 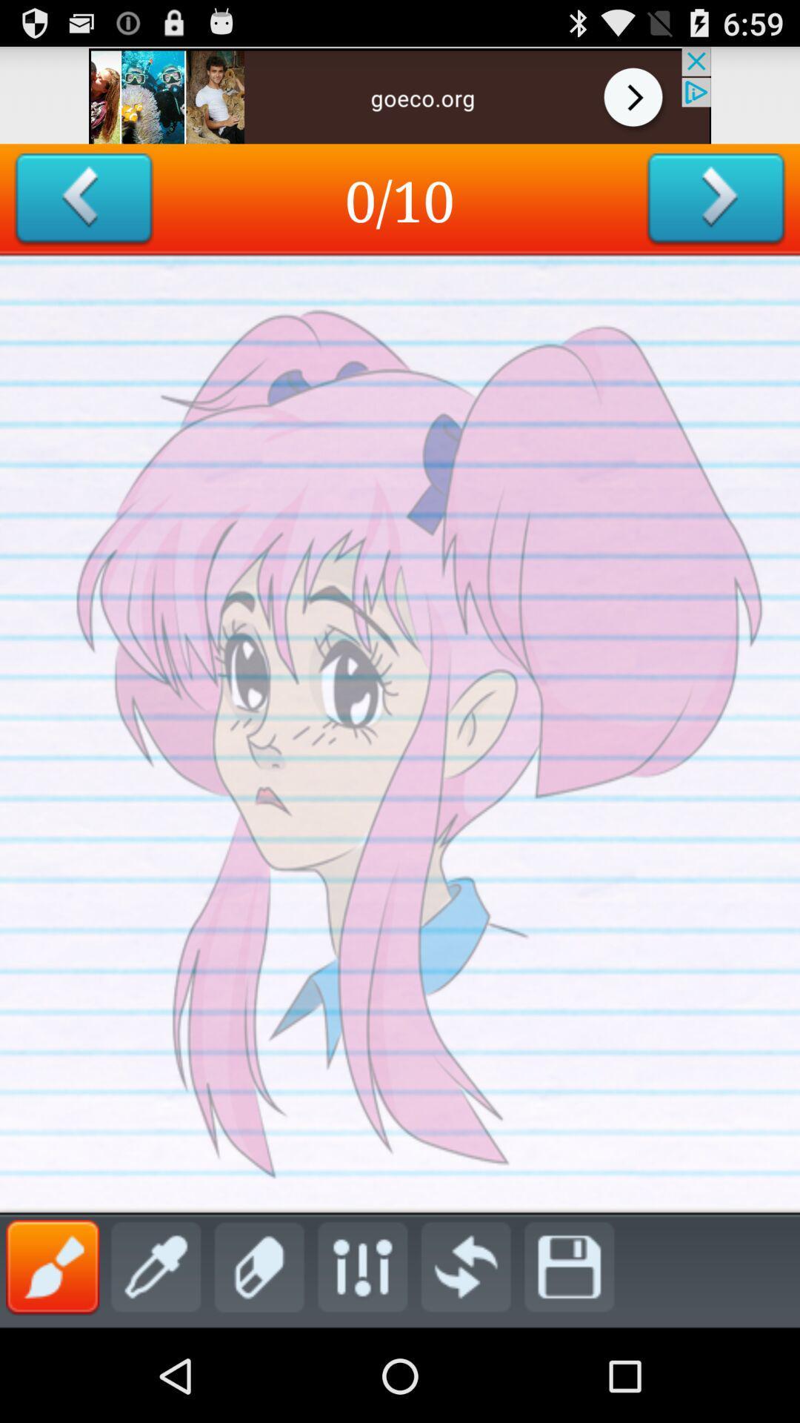 I want to click on bake vete, so click(x=84, y=199).